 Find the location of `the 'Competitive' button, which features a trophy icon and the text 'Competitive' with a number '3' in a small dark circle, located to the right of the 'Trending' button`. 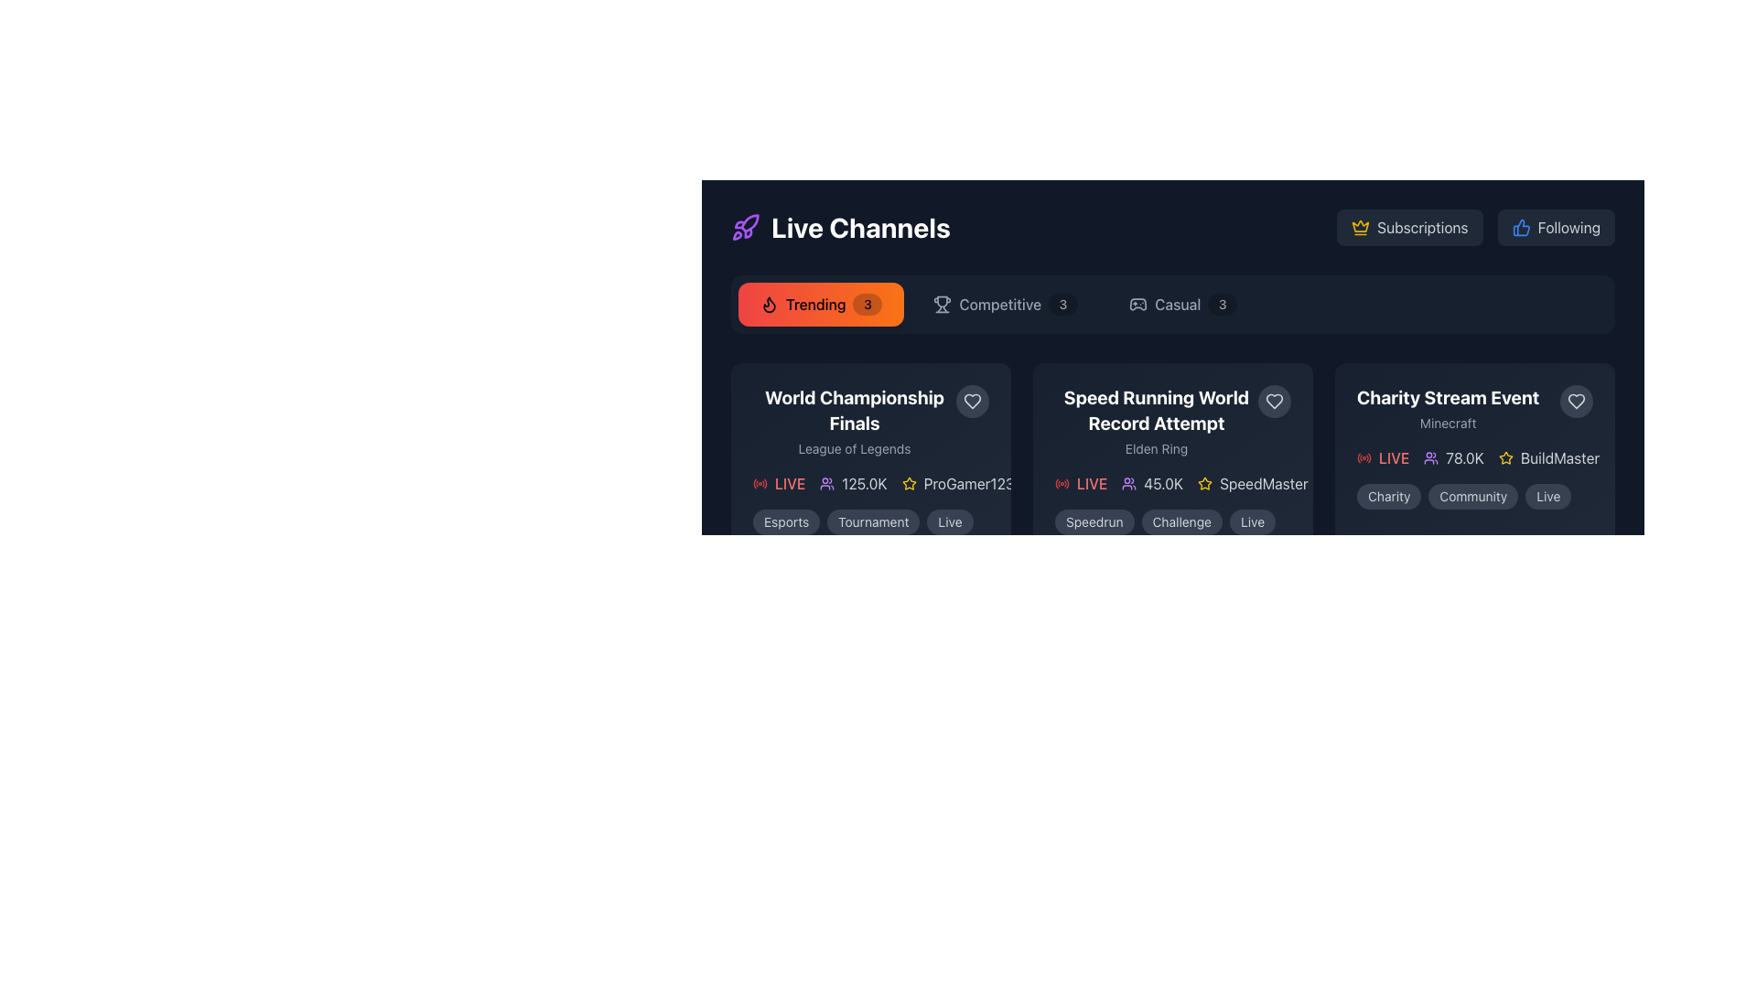

the 'Competitive' button, which features a trophy icon and the text 'Competitive' with a number '3' in a small dark circle, located to the right of the 'Trending' button is located at coordinates (1005, 303).